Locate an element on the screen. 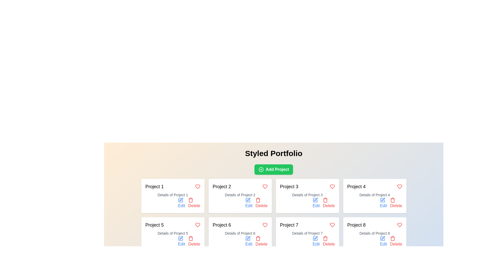 The width and height of the screenshot is (497, 280). the text label displaying 'Details of Project 2', which is located below the heading 'Project 2' in the second card of the first row is located at coordinates (240, 195).